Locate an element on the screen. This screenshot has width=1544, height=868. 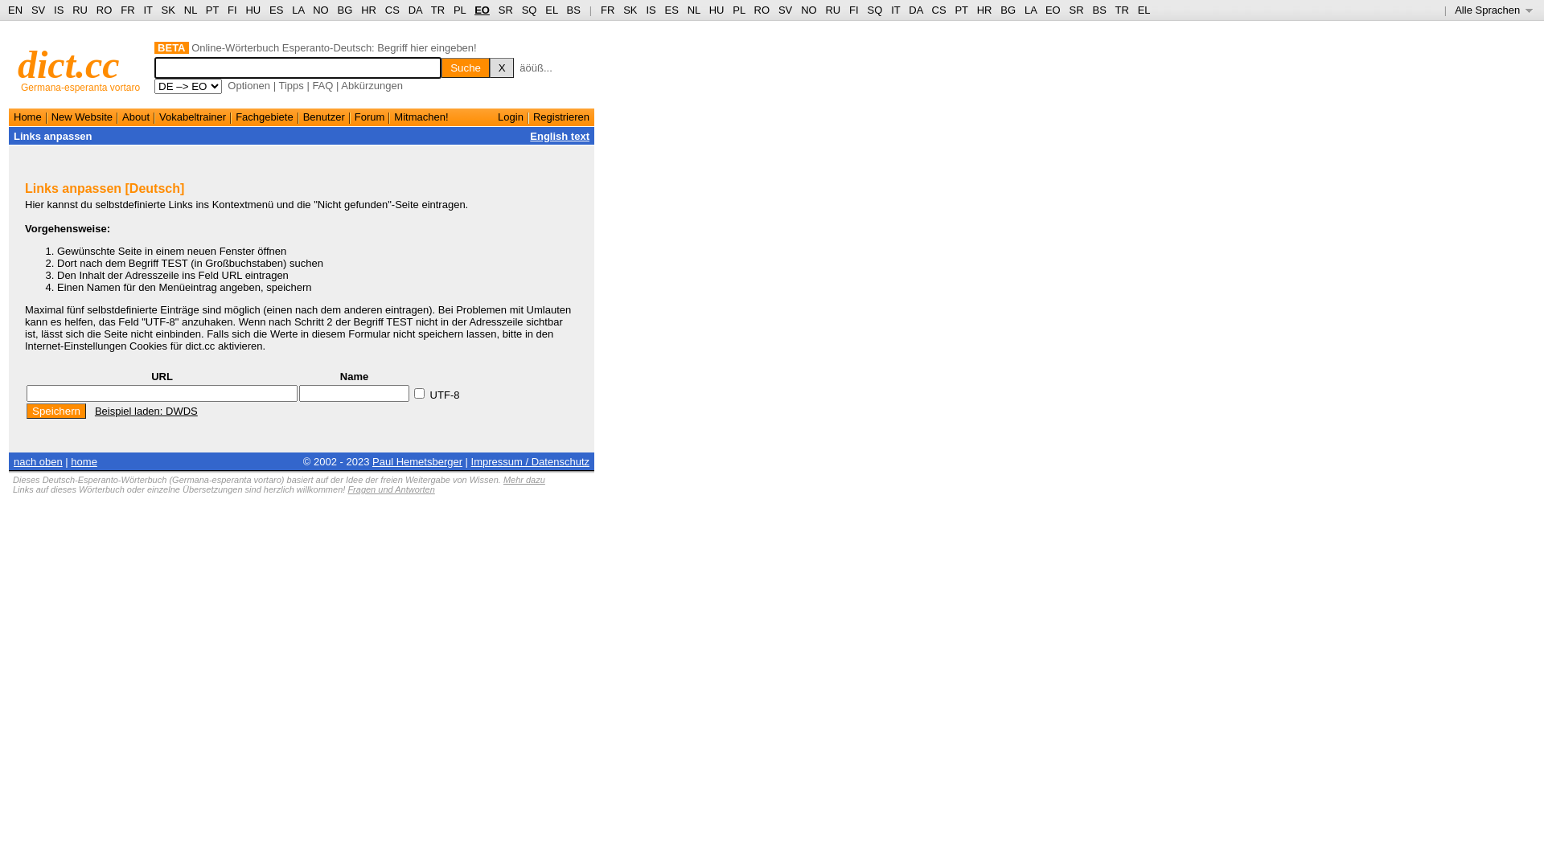
'dict.cc' is located at coordinates (68, 63).